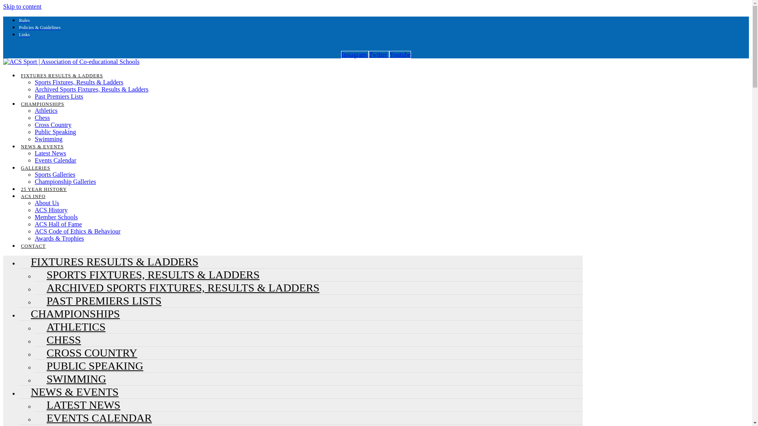 The height and width of the screenshot is (426, 758). I want to click on 'ATHLETICS', so click(70, 327).